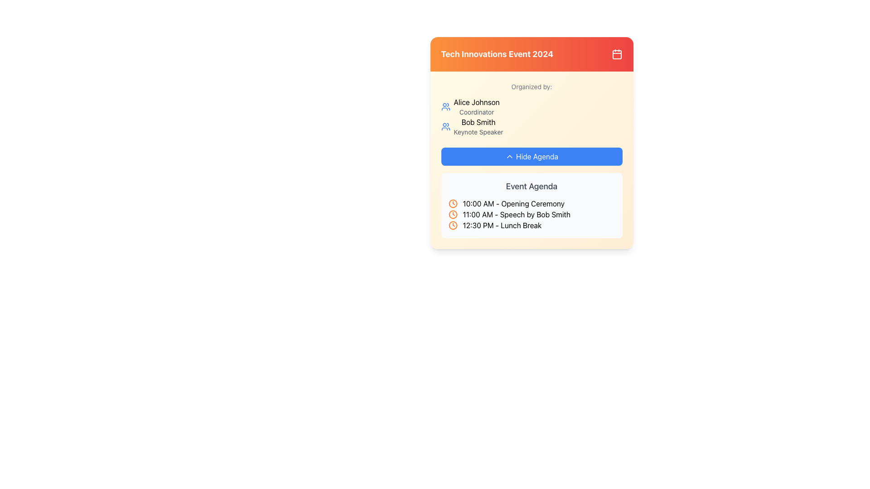 The image size is (870, 489). I want to click on the informational text and graphic icon representing the scheduled lunch break at 12:30 PM, which is the third item in the Event Agenda section, so click(532, 225).